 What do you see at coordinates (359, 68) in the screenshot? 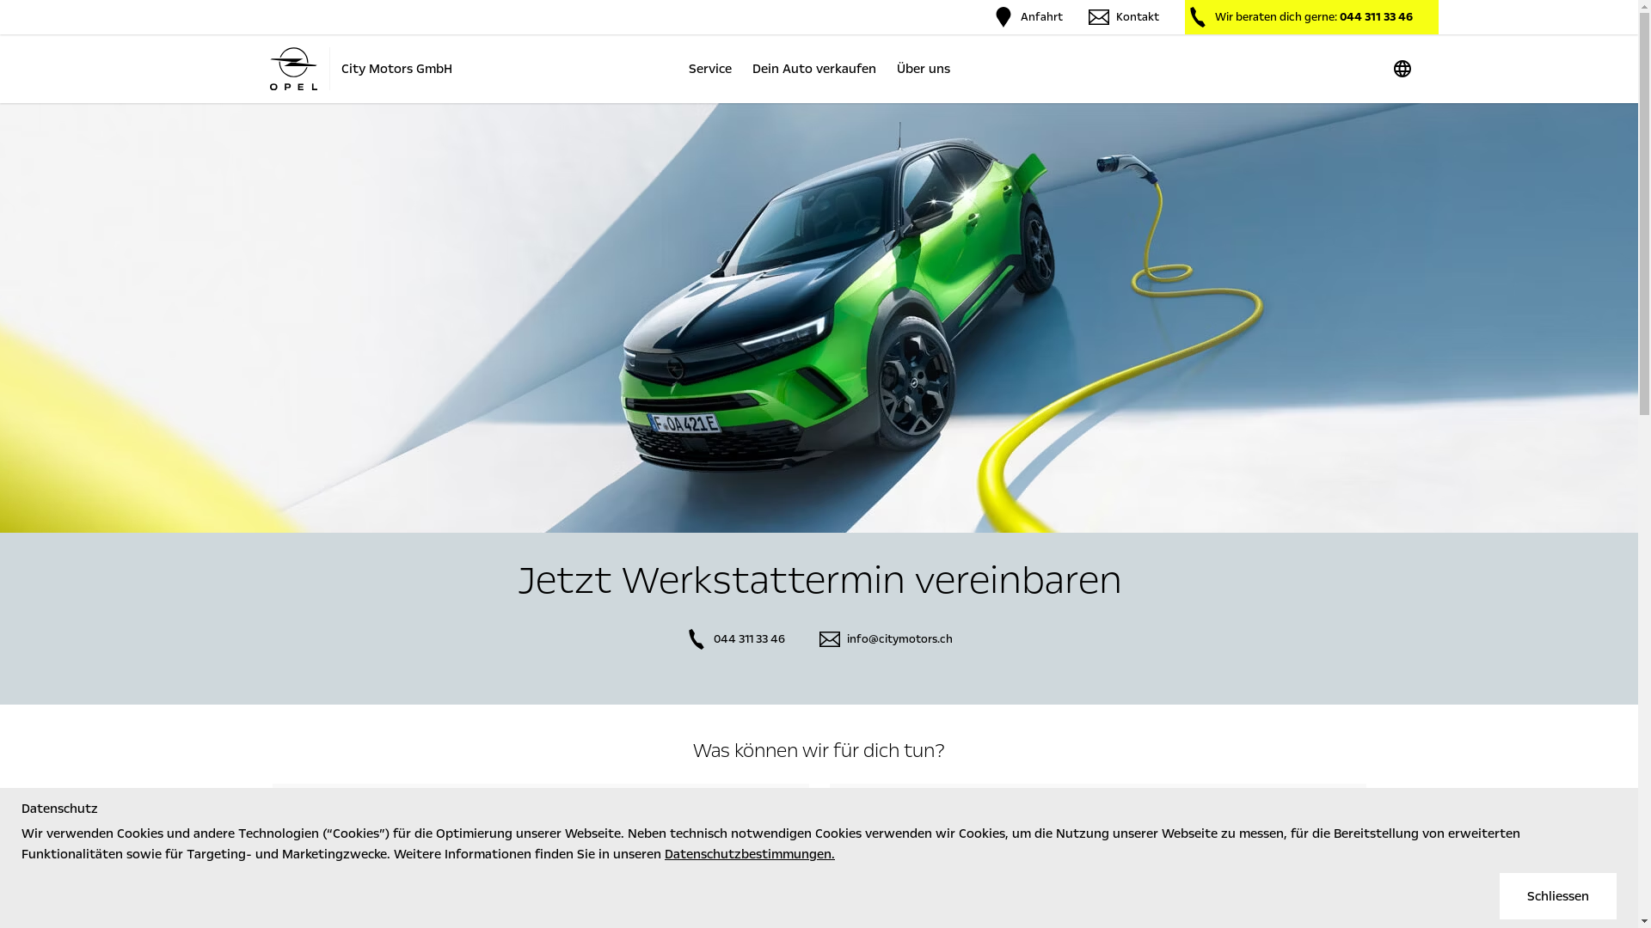
I see `'City Motors GmbH'` at bounding box center [359, 68].